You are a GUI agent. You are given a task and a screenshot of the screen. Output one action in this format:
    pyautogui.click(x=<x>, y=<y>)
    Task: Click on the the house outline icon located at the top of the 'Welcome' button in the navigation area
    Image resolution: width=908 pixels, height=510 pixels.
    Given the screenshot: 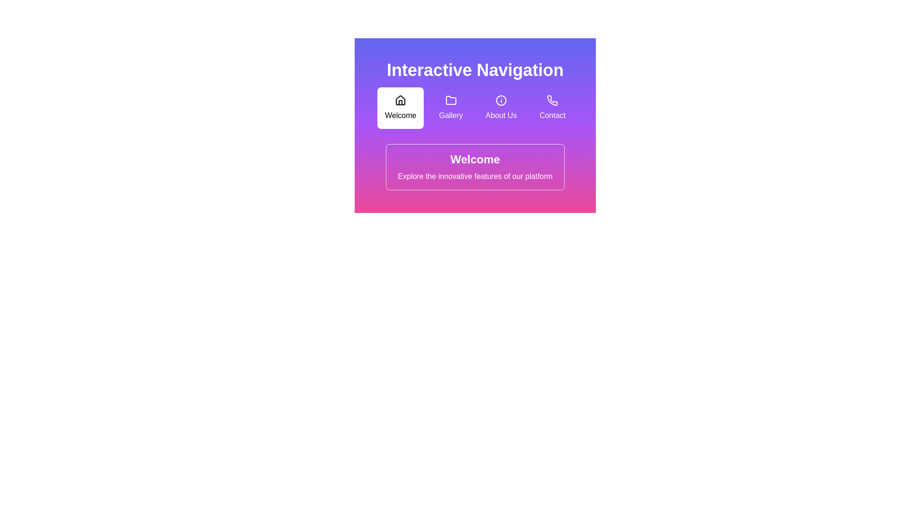 What is the action you would take?
    pyautogui.click(x=401, y=100)
    